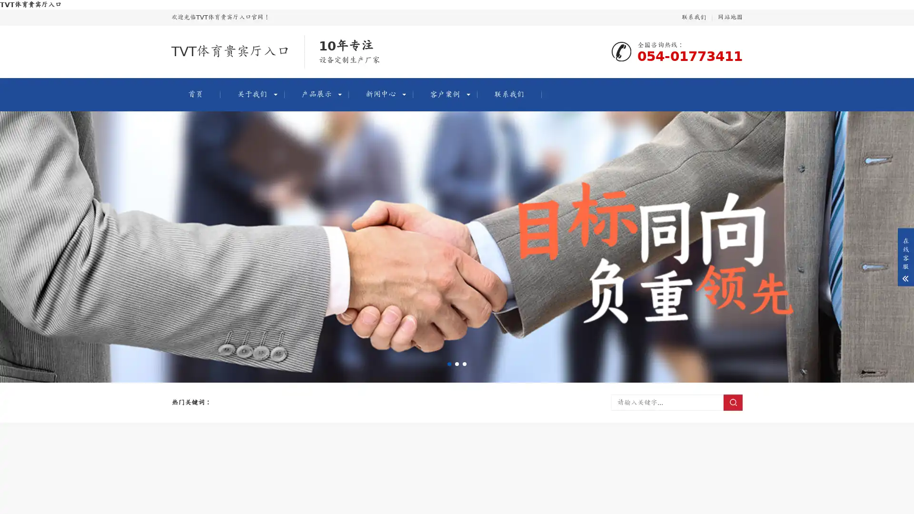 This screenshot has width=914, height=514. Describe the element at coordinates (464, 364) in the screenshot. I see `Go to slide 3` at that location.